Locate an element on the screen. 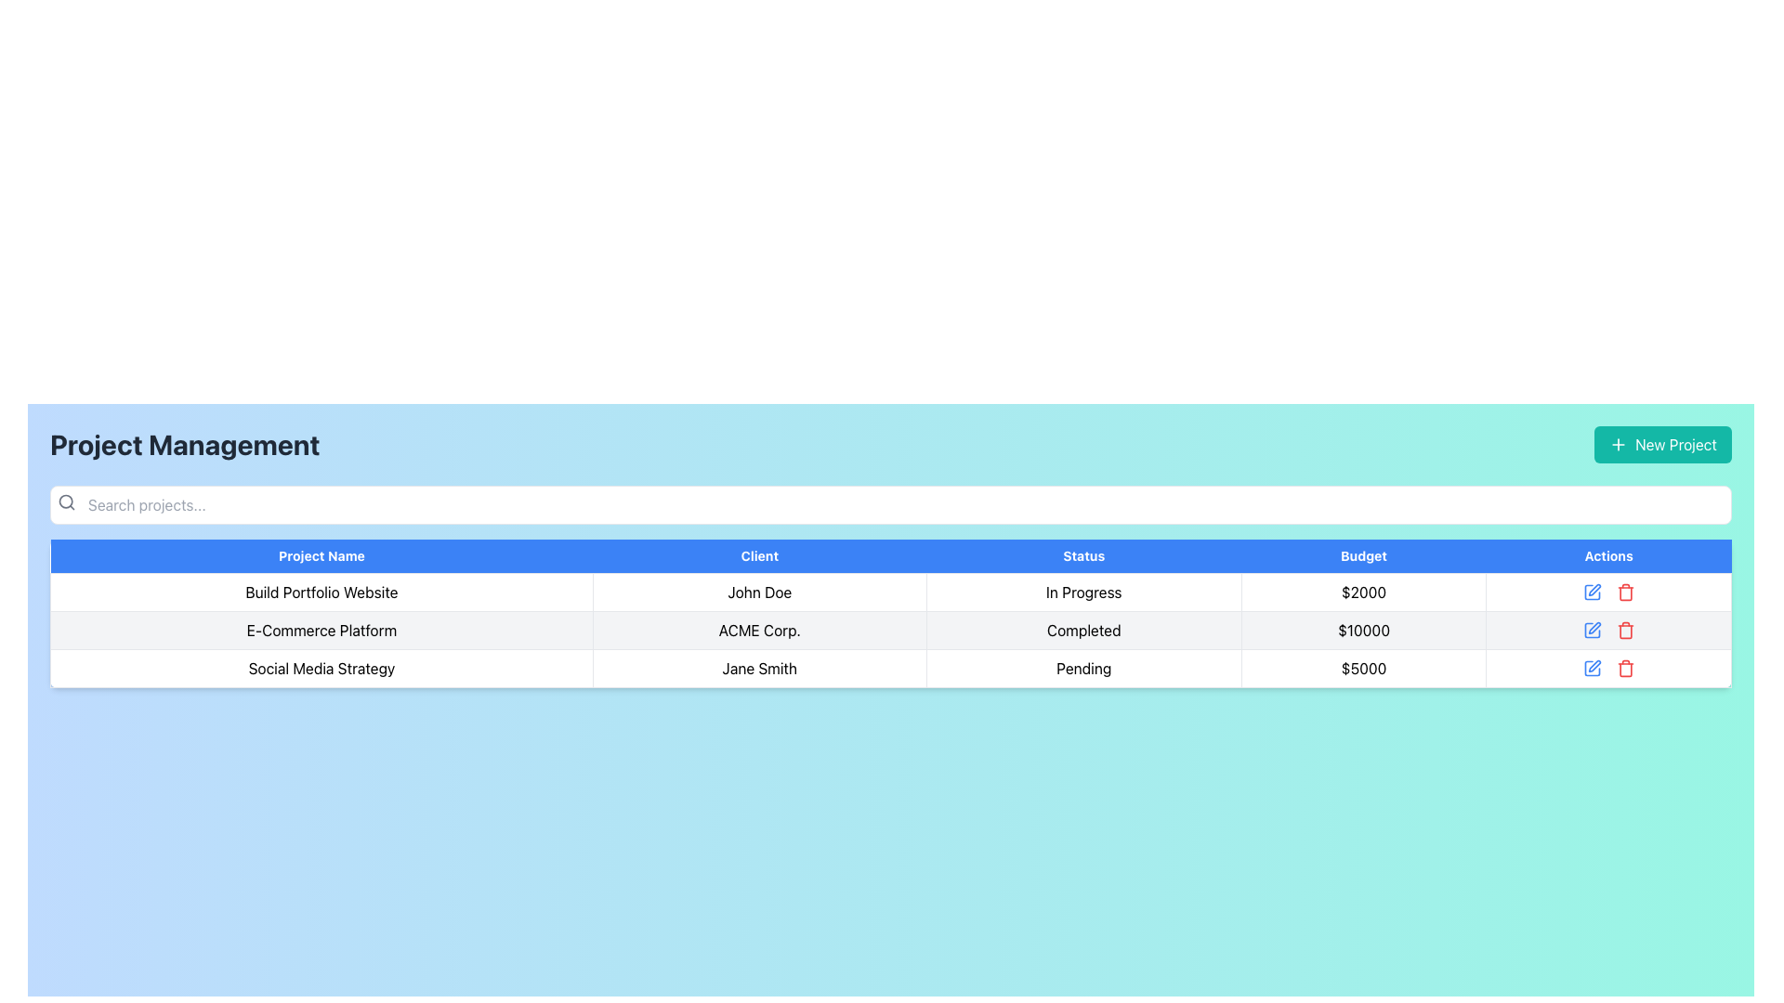 This screenshot has height=1003, width=1784. text from the Table Cell in the 'Status' column indicating the project's completion for 'E-Commerce Platform' by 'ACME Corp.' is located at coordinates (1083, 629).